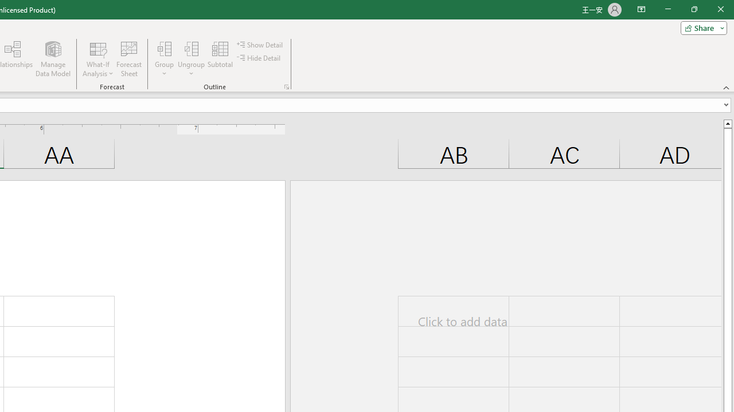 This screenshot has width=734, height=412. I want to click on 'Share', so click(701, 27).